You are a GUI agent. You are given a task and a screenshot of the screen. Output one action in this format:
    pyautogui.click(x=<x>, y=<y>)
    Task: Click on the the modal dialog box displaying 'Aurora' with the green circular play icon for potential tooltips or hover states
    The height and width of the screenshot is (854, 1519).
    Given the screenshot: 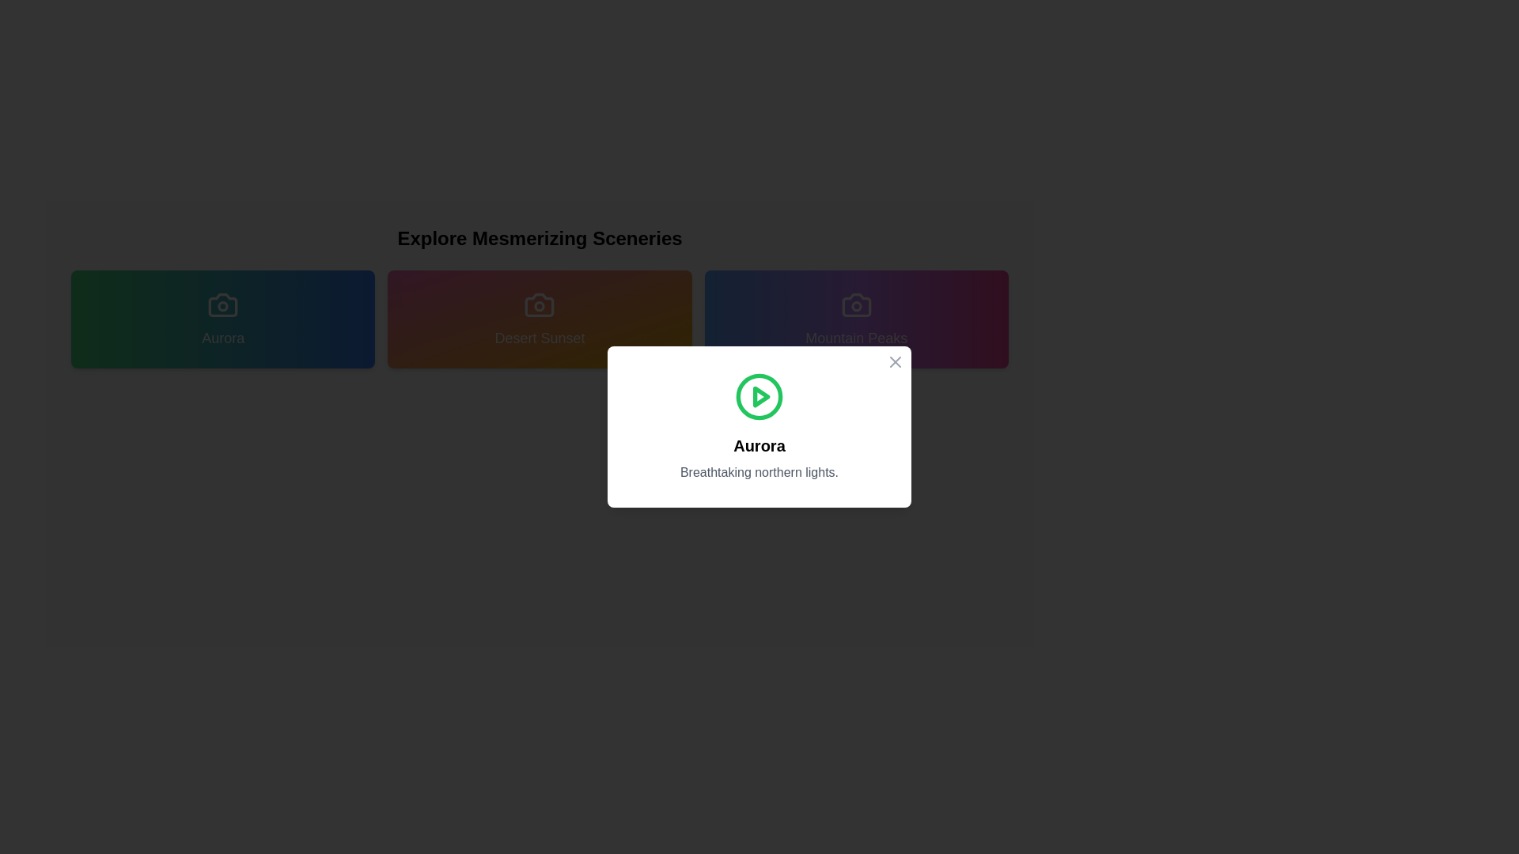 What is the action you would take?
    pyautogui.click(x=759, y=427)
    